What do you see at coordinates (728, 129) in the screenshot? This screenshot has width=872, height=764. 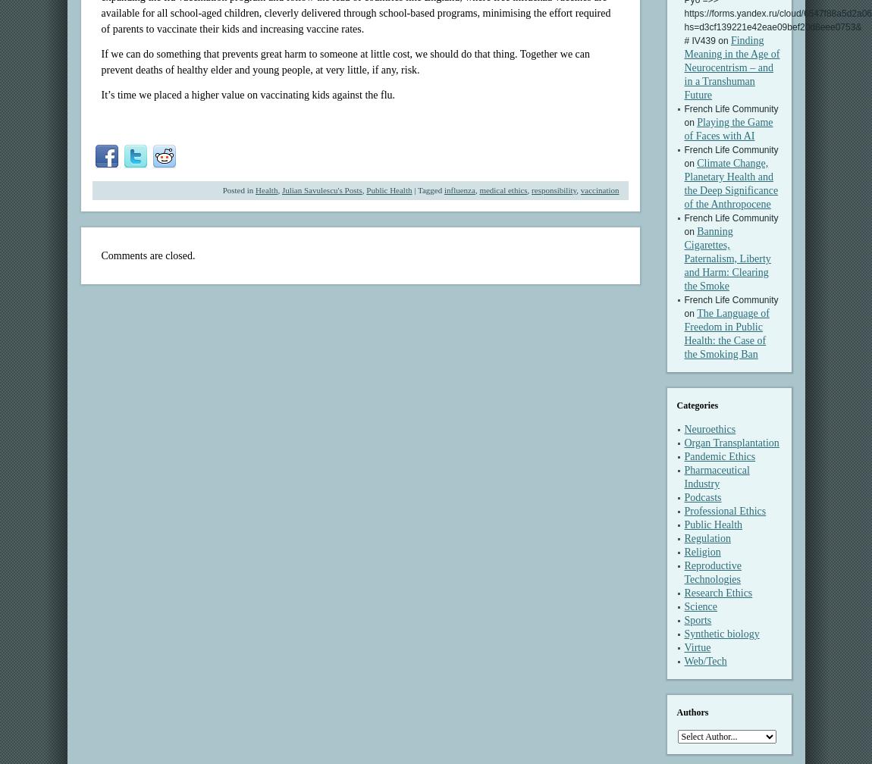 I see `'Playing the Game of Faces with AI'` at bounding box center [728, 129].